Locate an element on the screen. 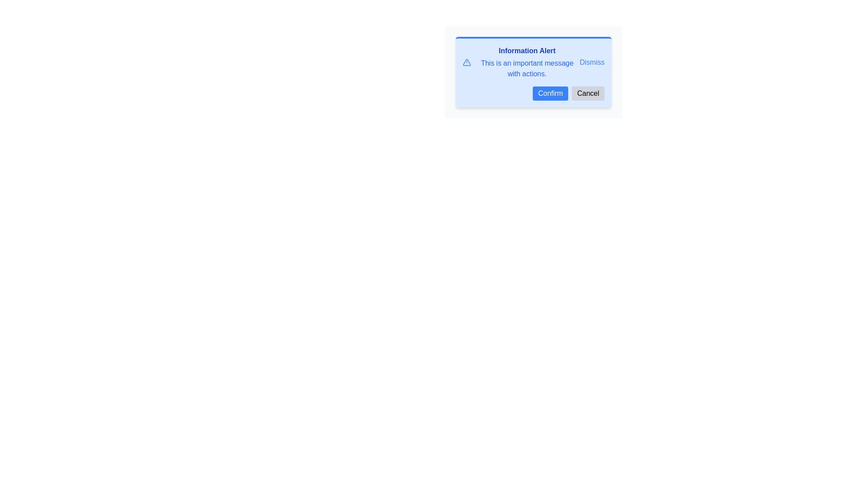 The width and height of the screenshot is (851, 479). the warning icon located to the left of the 'Information Alert' text within the warning message box is located at coordinates (466, 62).